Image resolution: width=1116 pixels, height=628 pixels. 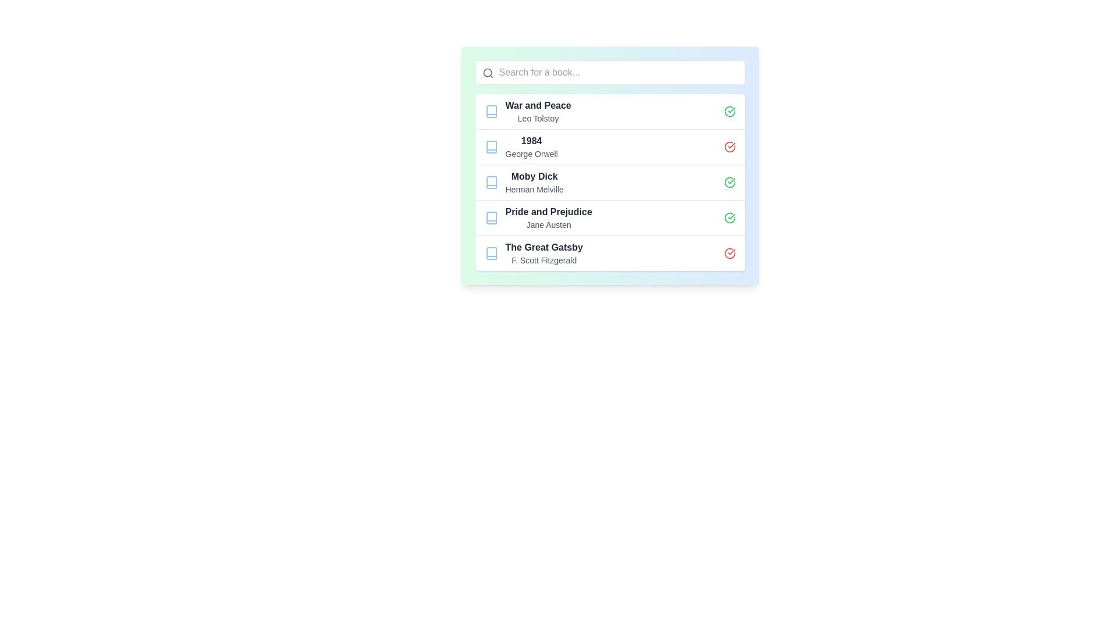 I want to click on the text label that serves as the title of a book, so click(x=531, y=141).